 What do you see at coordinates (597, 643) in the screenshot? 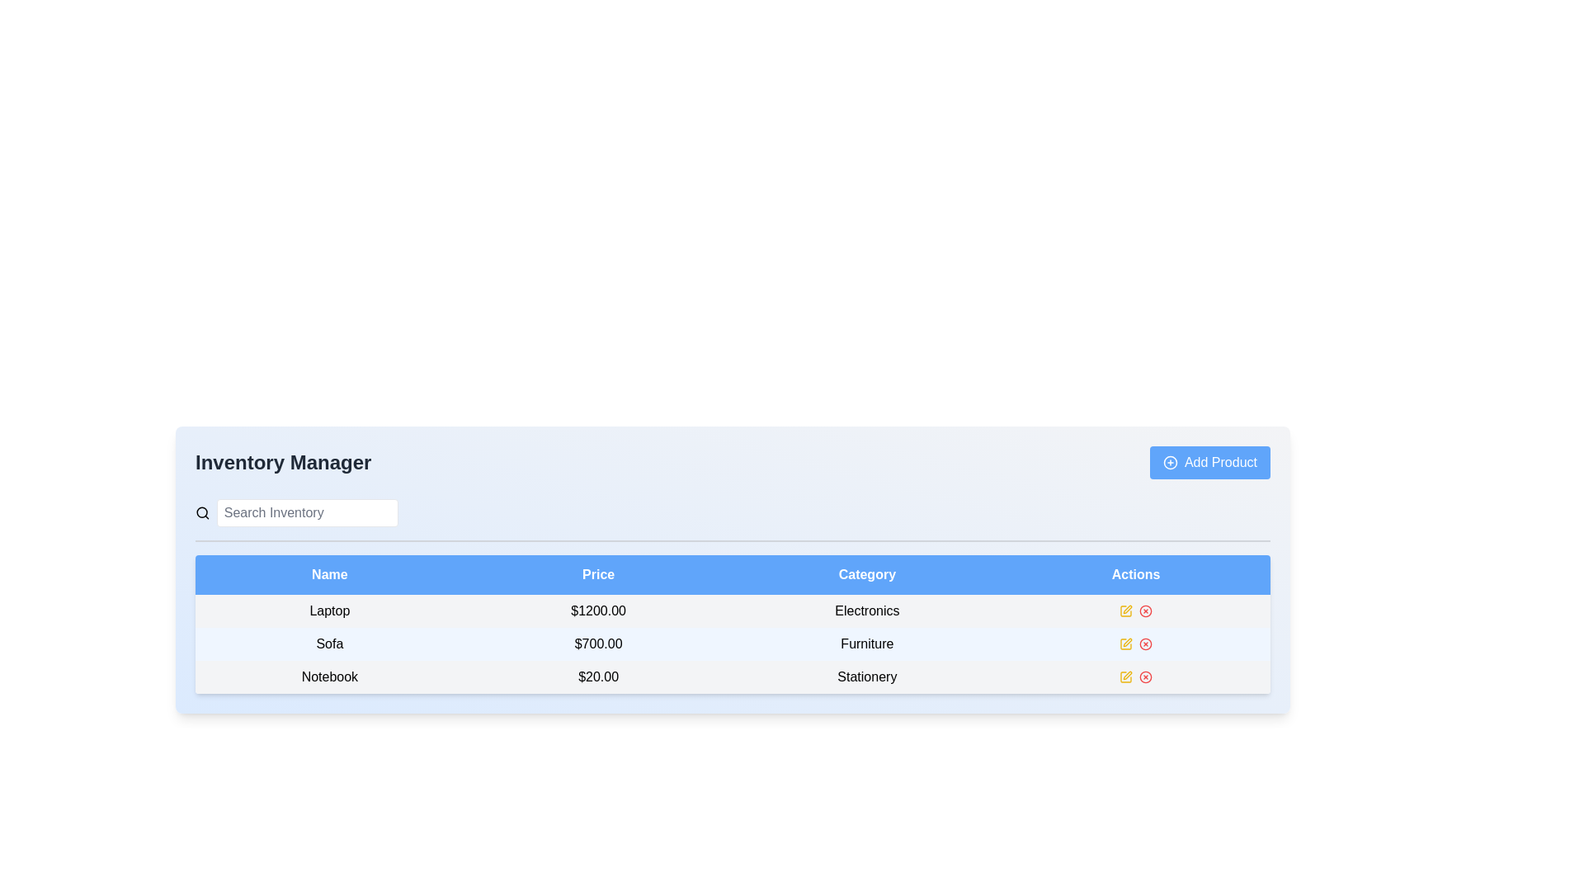
I see `the text label displaying the price '$700.00' in the 'Price' column of the 'Sofa' row in the table` at bounding box center [597, 643].